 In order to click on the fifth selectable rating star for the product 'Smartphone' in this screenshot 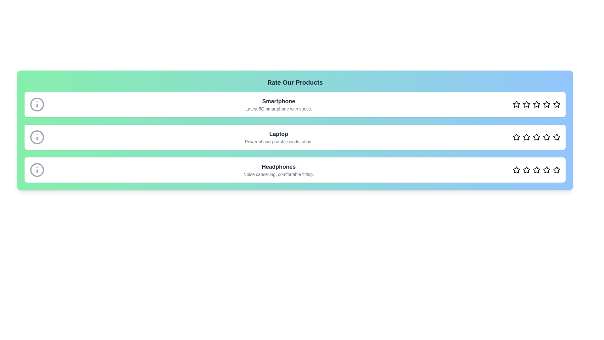, I will do `click(546, 104)`.